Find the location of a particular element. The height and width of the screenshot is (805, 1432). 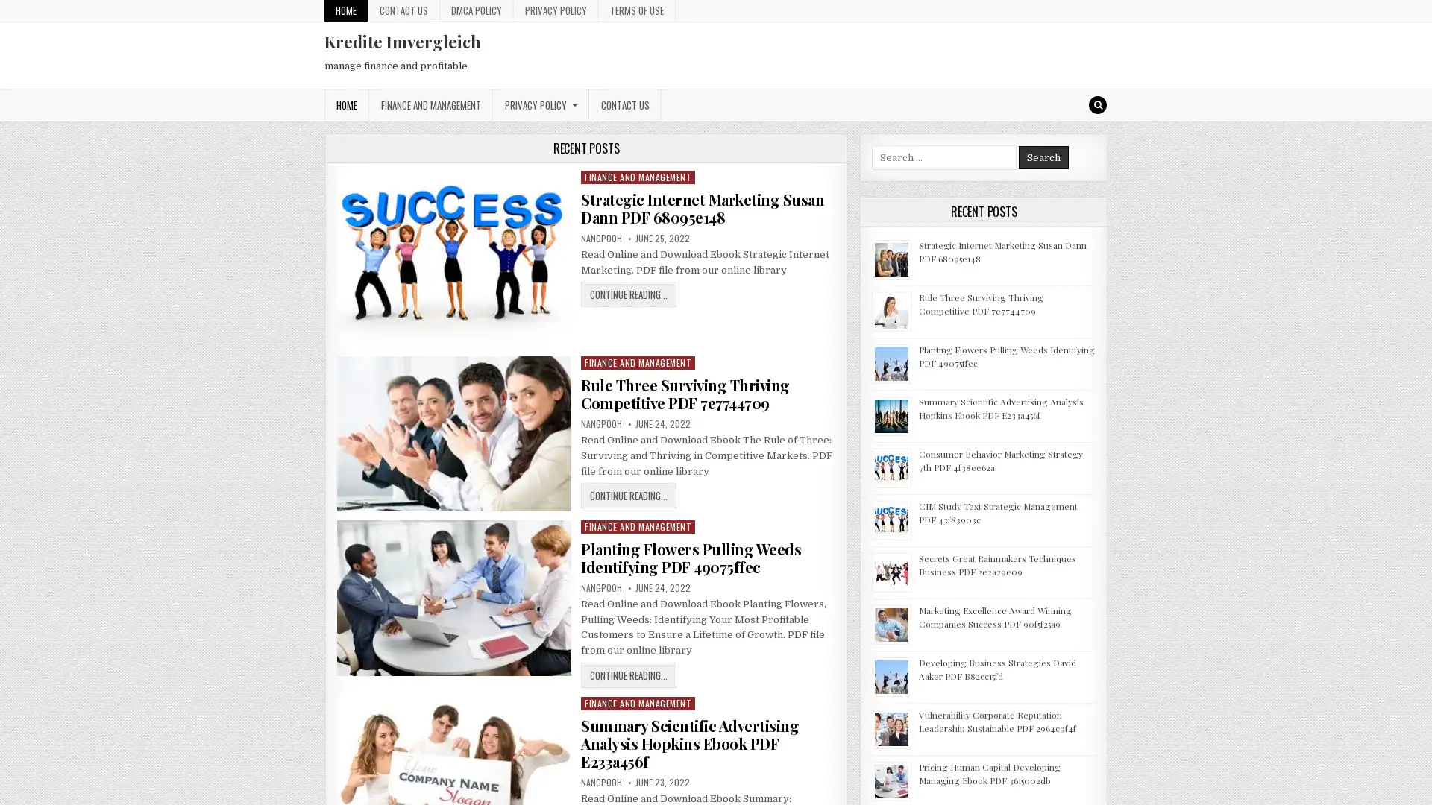

Search is located at coordinates (1043, 157).